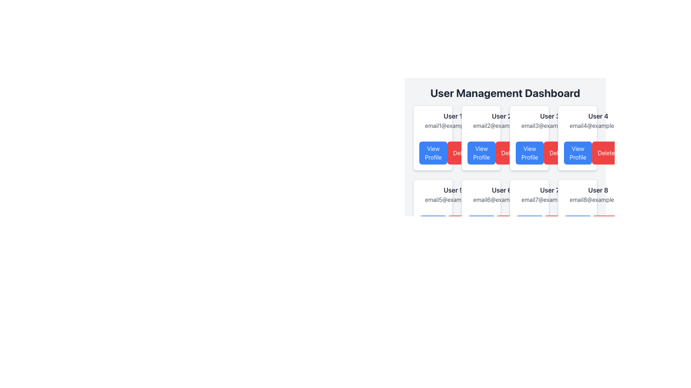  Describe the element at coordinates (530, 152) in the screenshot. I see `the 'View Profile' button associated with 'User 3'` at that location.